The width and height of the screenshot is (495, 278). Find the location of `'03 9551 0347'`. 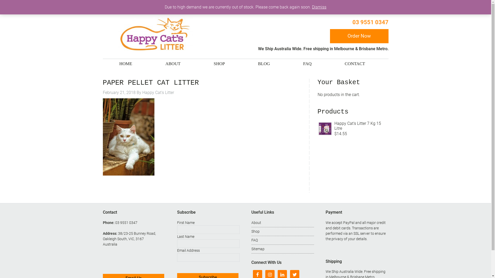

'03 9551 0347' is located at coordinates (352, 22).